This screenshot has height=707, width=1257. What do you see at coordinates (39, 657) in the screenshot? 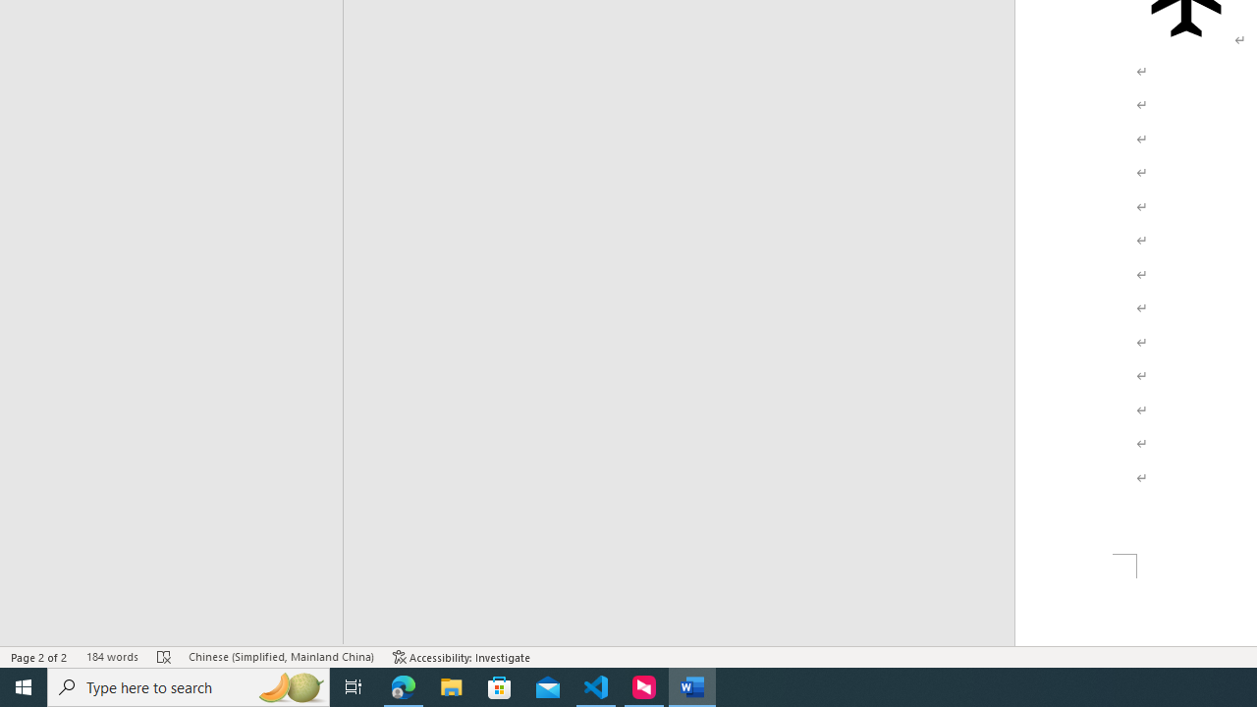
I see `'Page Number Page 2 of 2'` at bounding box center [39, 657].